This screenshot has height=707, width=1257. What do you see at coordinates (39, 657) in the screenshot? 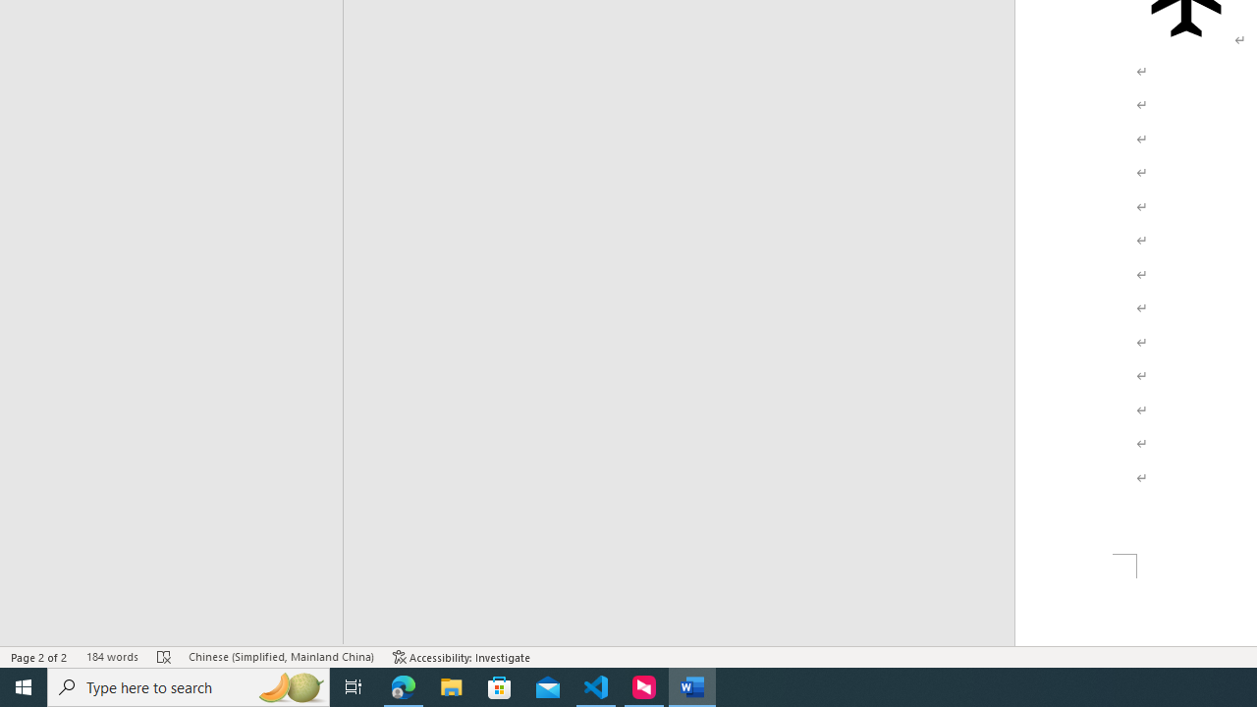
I see `'Page Number Page 2 of 2'` at bounding box center [39, 657].